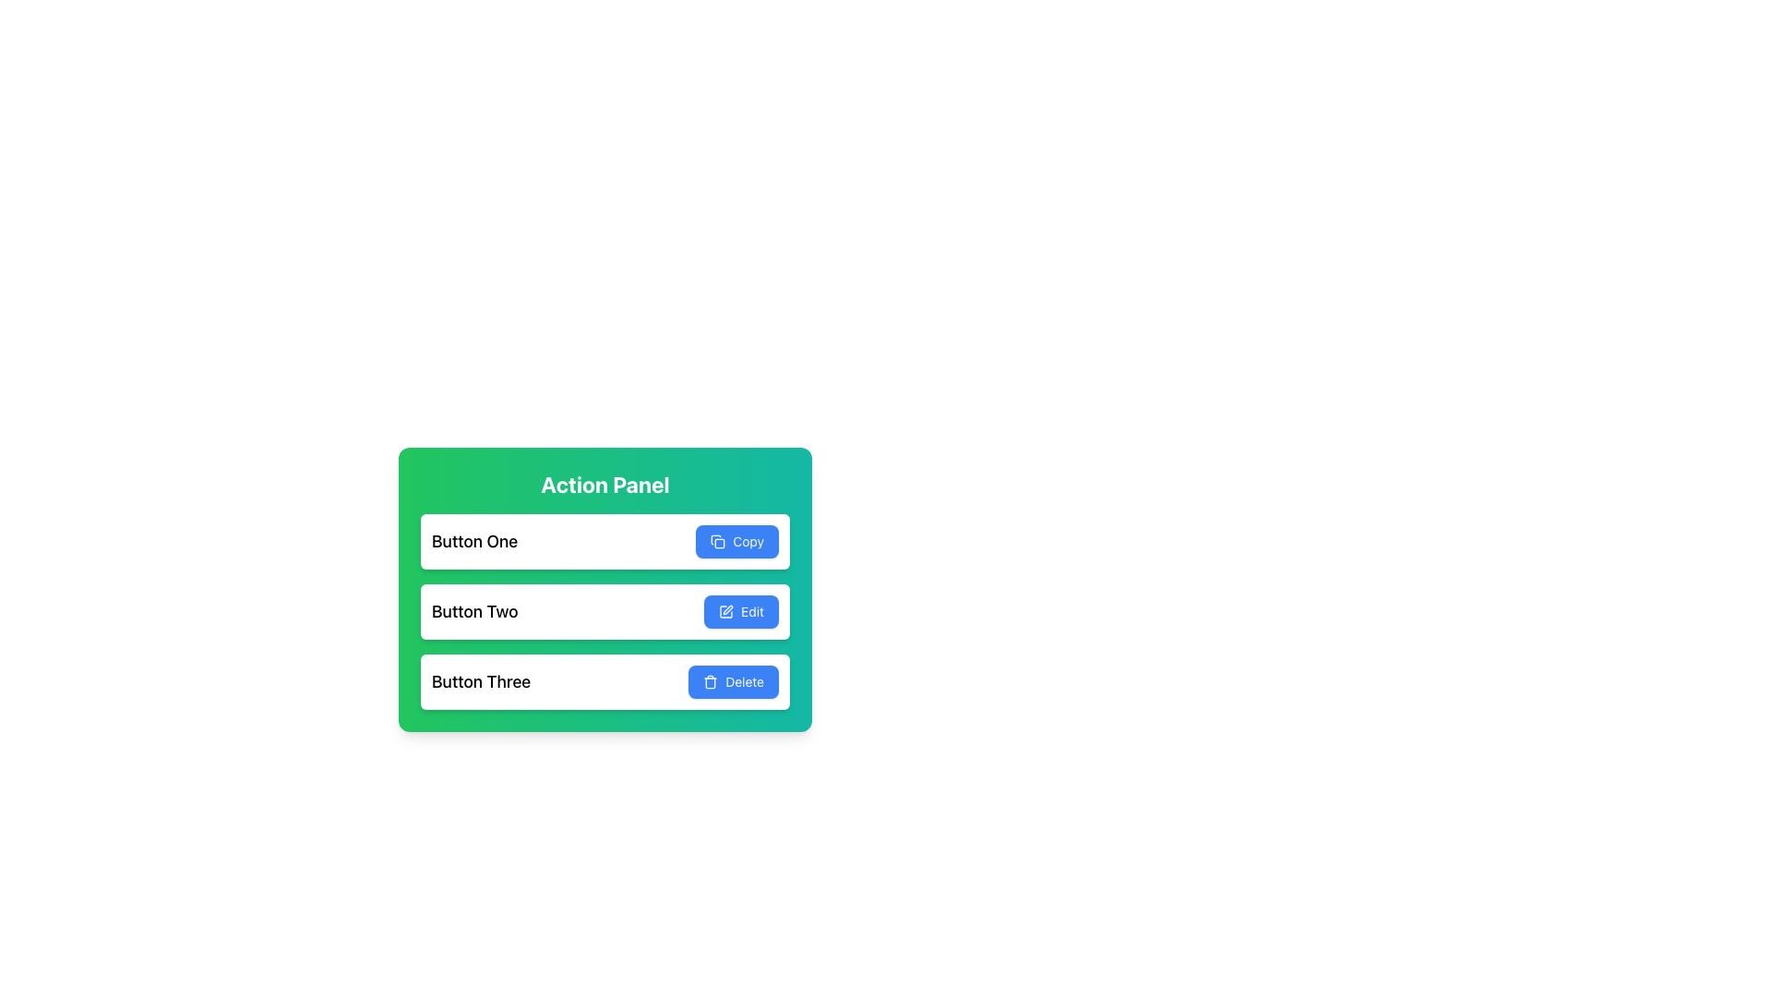  I want to click on the edit icon, which is a small pen symbol on a blue background located in the 'Edit' button within the 'Action Panel.', so click(725, 612).